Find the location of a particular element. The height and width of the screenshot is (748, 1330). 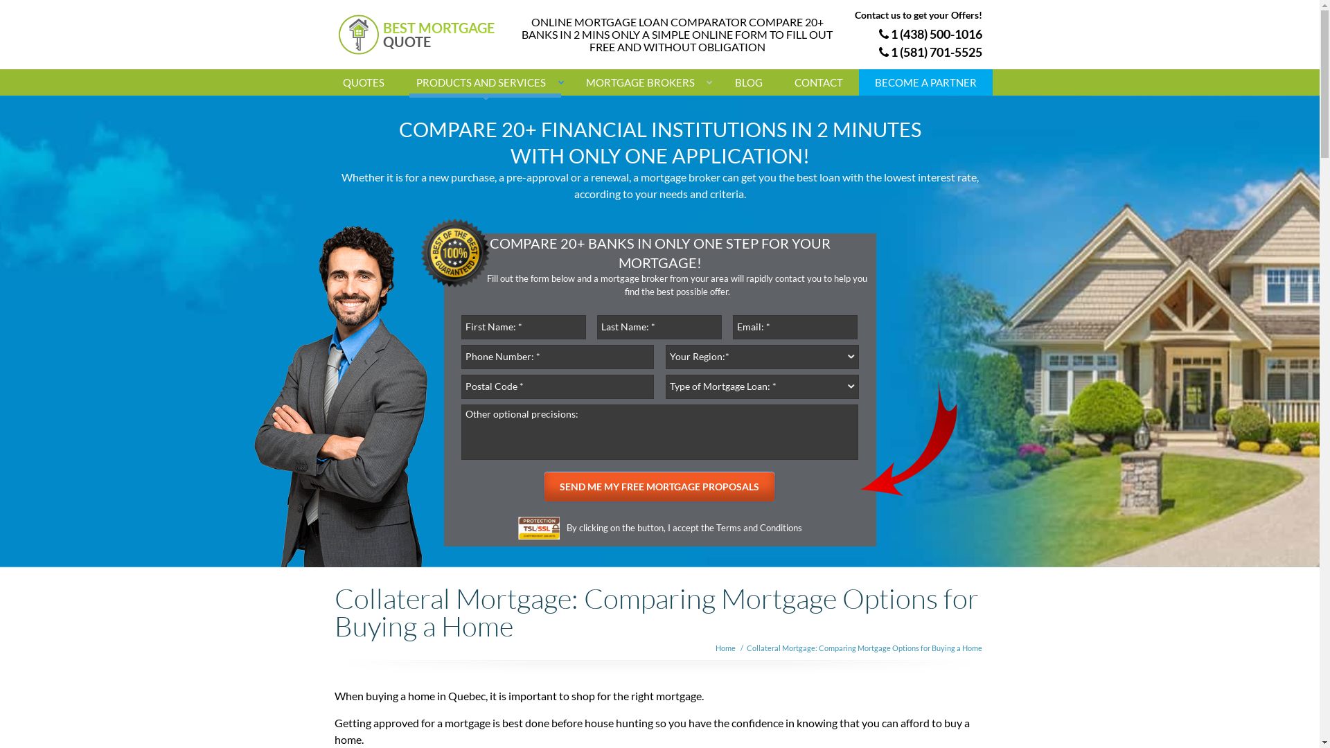

'MORTGAGE BROKERS' is located at coordinates (644, 82).